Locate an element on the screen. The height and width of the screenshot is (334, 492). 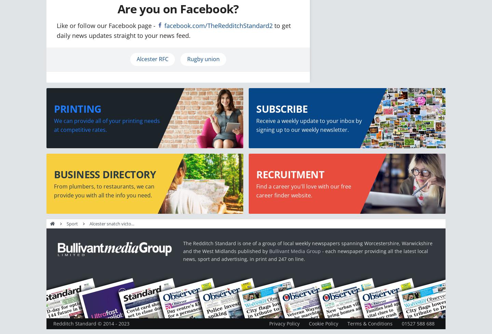
'Rugby union' is located at coordinates (203, 59).